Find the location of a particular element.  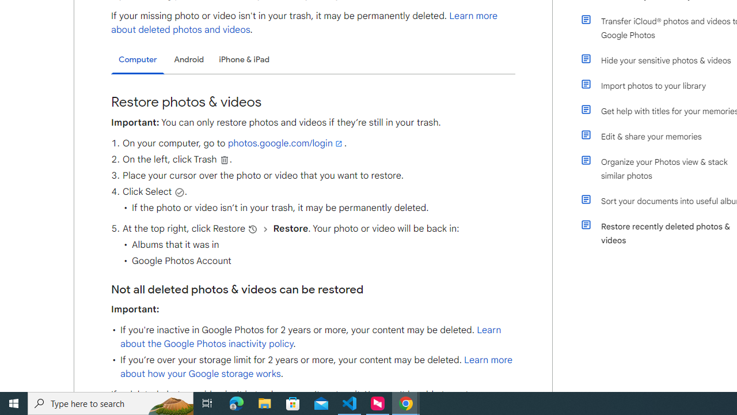

'Select' is located at coordinates (178, 191).